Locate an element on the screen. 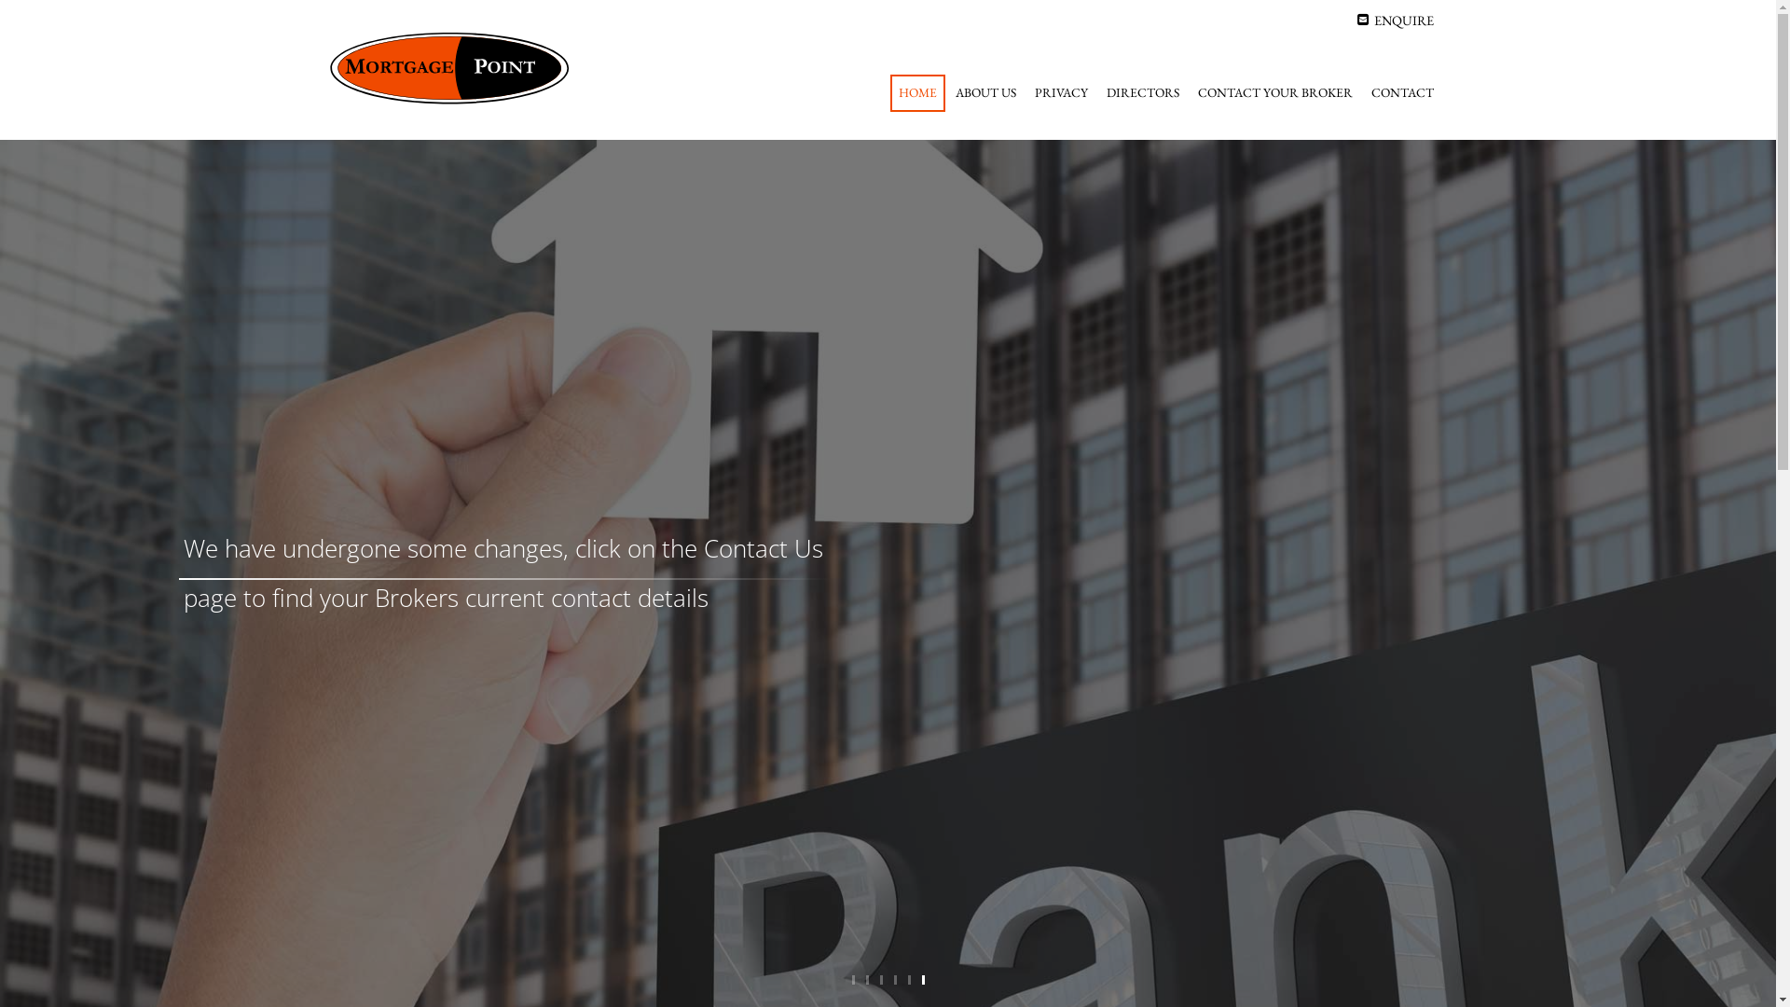  'HOME' is located at coordinates (888, 93).